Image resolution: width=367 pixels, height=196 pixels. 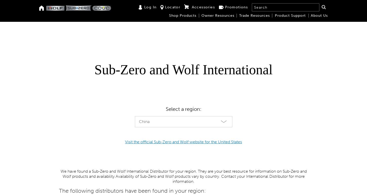 I want to click on 'Trade Shows', so click(x=94, y=44).